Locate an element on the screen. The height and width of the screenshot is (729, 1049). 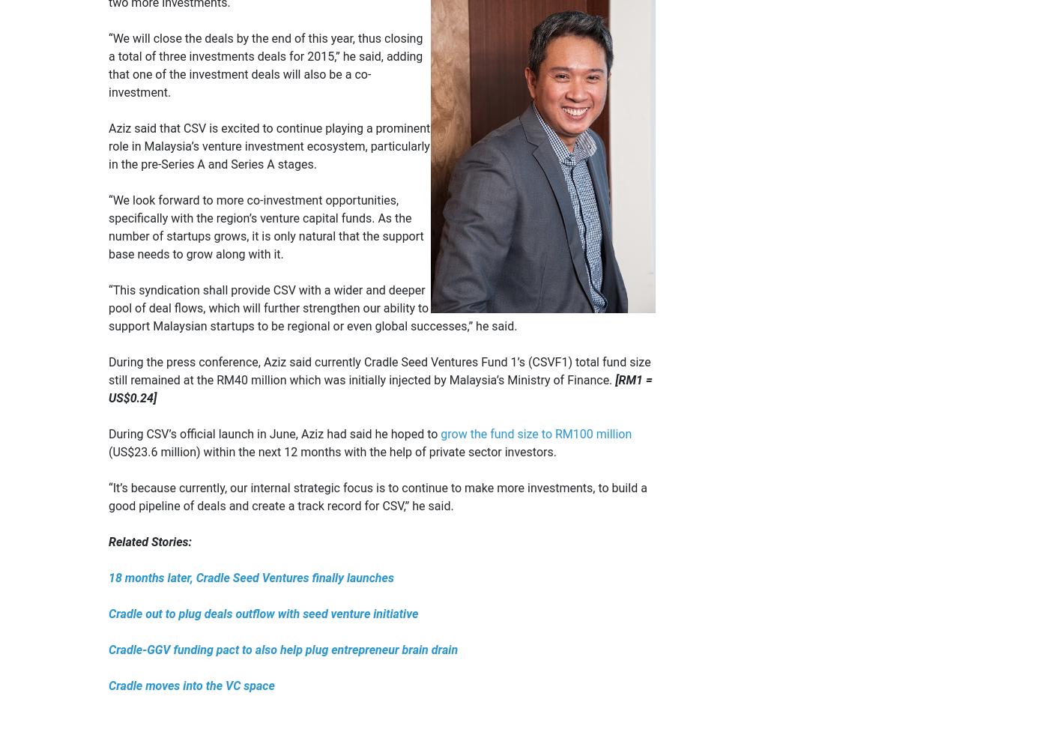
'(US$23.6 million) within the next 12 months with the help of private sector investors.' is located at coordinates (332, 451).